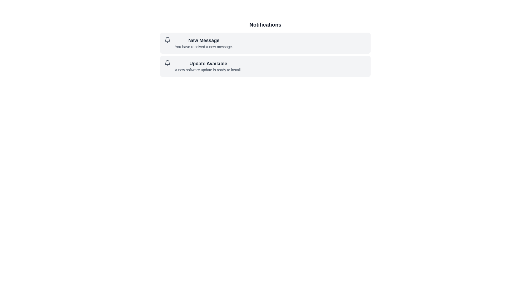 The image size is (505, 284). Describe the element at coordinates (167, 39) in the screenshot. I see `the bell icon which signifies a notification for the 'New Message' entry, located adjacent to the bold 'New Message' text` at that location.